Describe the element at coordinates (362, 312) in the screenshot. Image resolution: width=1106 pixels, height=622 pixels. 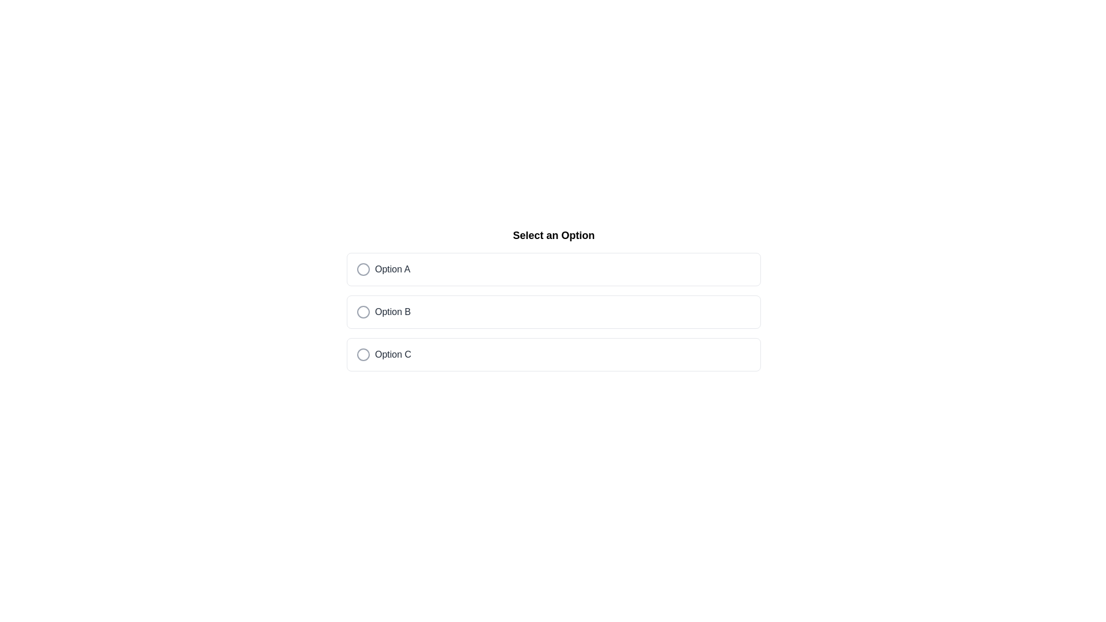
I see `the SVG circle element that represents the selection marker for 'Option B'` at that location.